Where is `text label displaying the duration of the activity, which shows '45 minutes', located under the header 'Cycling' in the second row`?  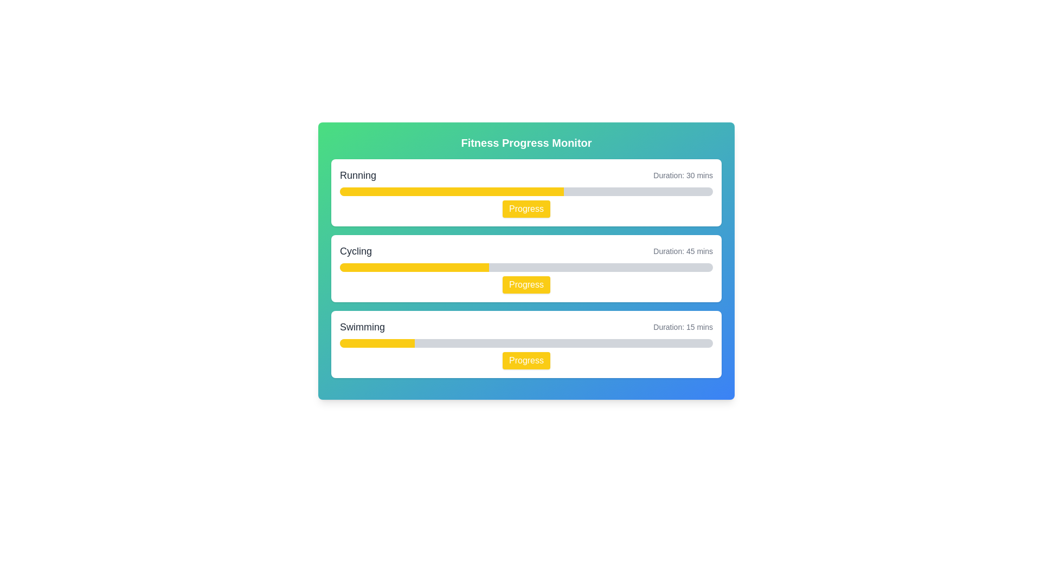
text label displaying the duration of the activity, which shows '45 minutes', located under the header 'Cycling' in the second row is located at coordinates (683, 251).